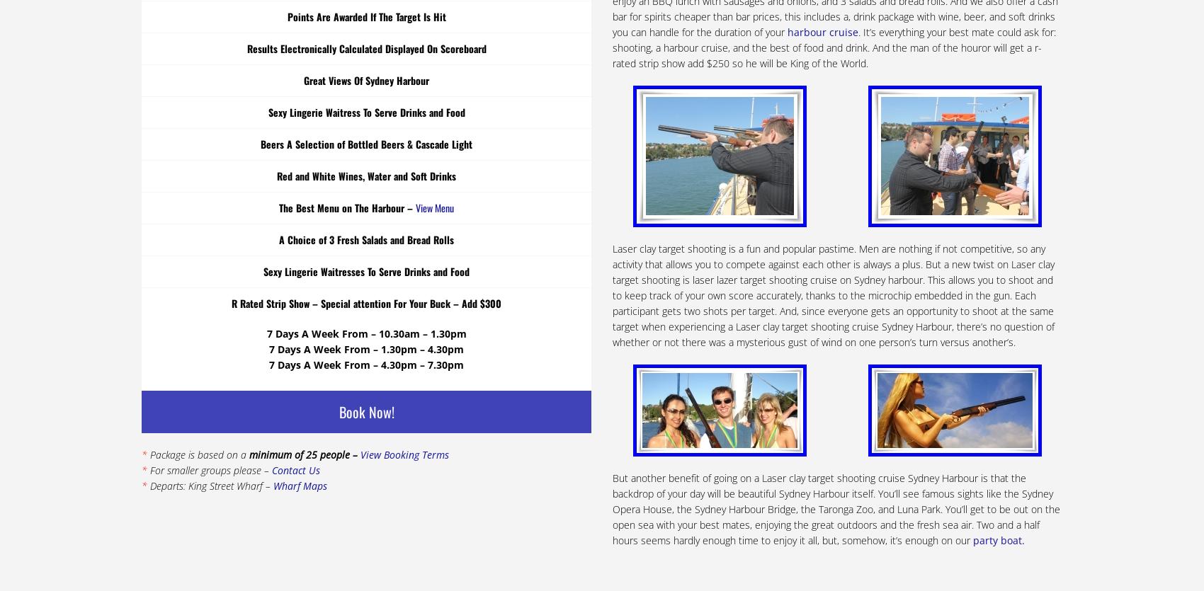  Describe the element at coordinates (612, 508) in the screenshot. I see `'But another benefit of going on a Laser clay target shooting cruise Sydney Harbour is that the backdrop of your day will be beautiful Sydney Harbour itself. You’ll see famous sights like the Sydney Opera House, the Sydney Harbour Bridge, the Taronga Zoo, and Luna Park. You’ll get to be out on the open sea with your best mates, enjoying the great outdoors and the fresh sea air. Two and a half hours seems hardly enough time to enjoy it all, but, somehow, it’s enough on our'` at that location.